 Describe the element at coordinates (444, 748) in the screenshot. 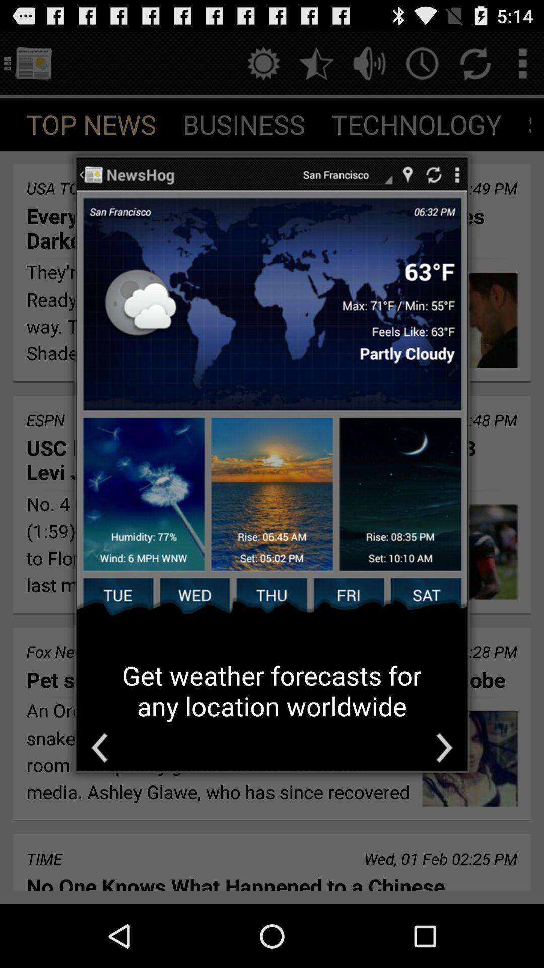

I see `go next option` at that location.